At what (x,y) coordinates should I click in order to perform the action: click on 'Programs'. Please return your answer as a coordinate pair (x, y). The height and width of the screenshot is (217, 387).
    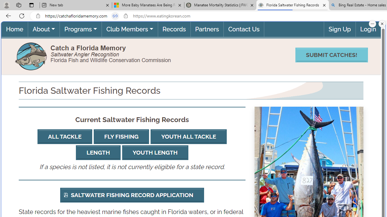
    Looking at the image, I should click on (80, 29).